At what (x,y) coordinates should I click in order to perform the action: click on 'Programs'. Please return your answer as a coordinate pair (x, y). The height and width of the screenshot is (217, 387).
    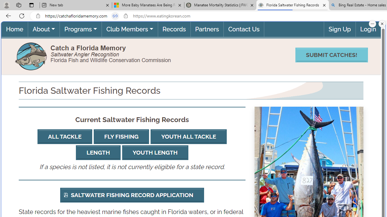
    Looking at the image, I should click on (80, 29).